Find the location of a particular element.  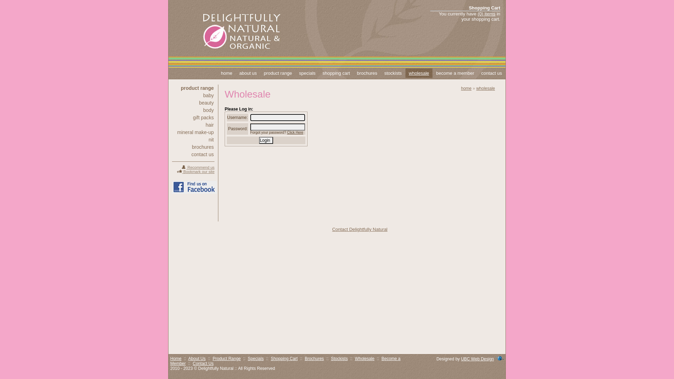

'Specials' is located at coordinates (255, 359).